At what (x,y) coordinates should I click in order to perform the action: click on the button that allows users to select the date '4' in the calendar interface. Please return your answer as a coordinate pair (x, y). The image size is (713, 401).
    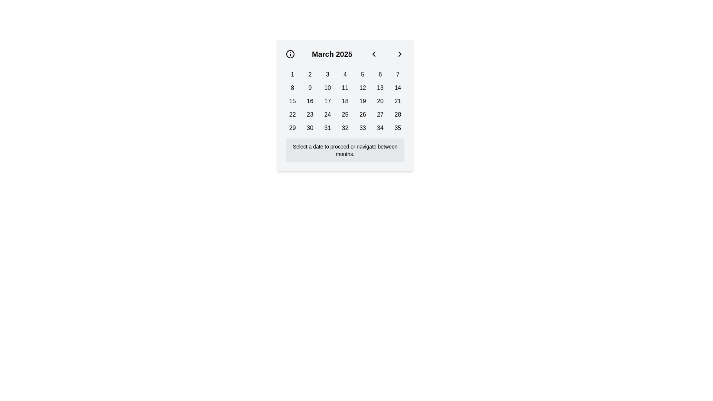
    Looking at the image, I should click on (345, 74).